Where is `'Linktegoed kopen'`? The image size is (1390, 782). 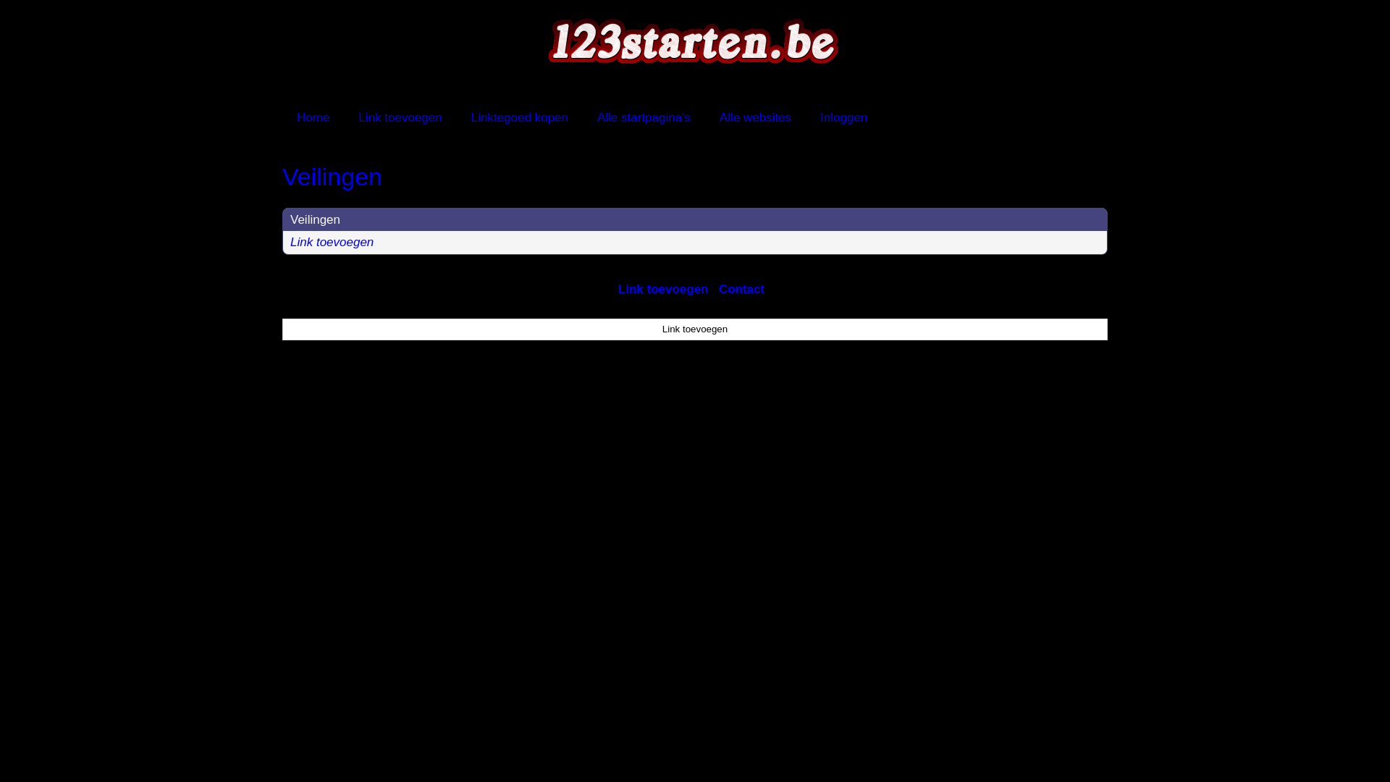 'Linktegoed kopen' is located at coordinates (455, 117).